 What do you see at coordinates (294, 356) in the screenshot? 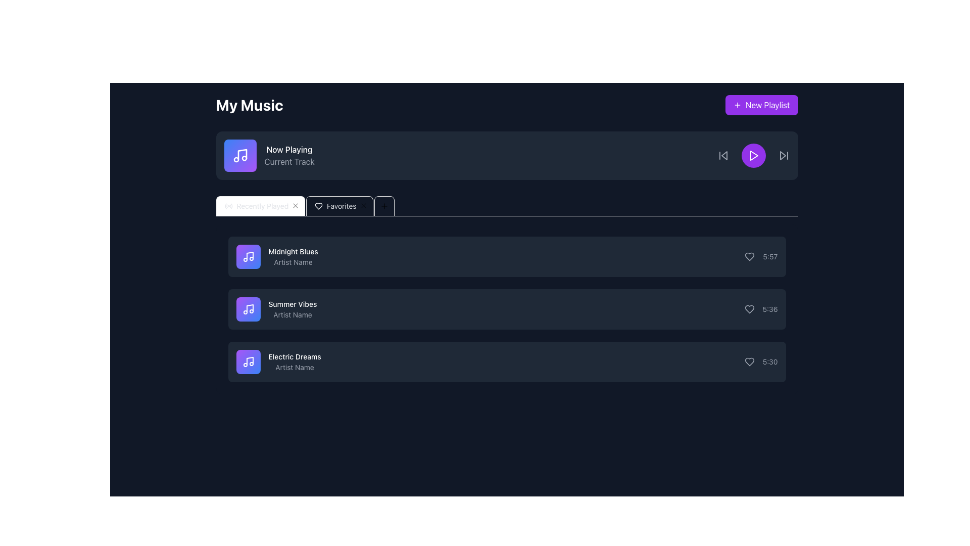
I see `the 'Electric Dreams' text label, which is displayed in white against a dark background, positioned above 'Artist Name' in a vertical music list` at bounding box center [294, 356].